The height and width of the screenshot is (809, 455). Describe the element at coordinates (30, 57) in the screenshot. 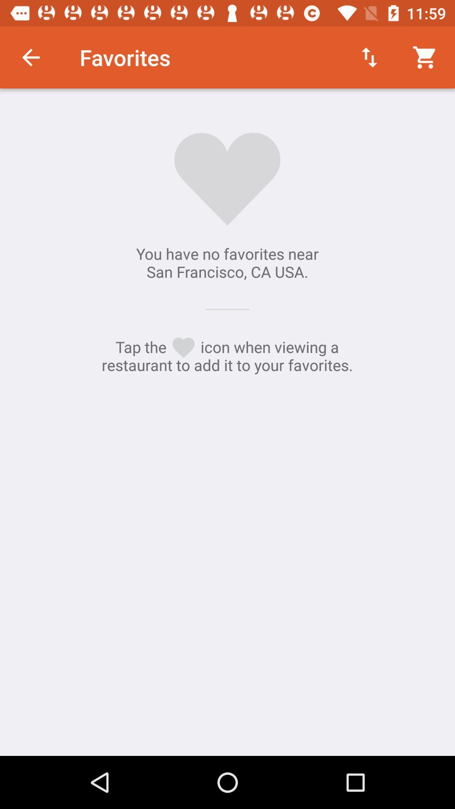

I see `the item next to favorites icon` at that location.